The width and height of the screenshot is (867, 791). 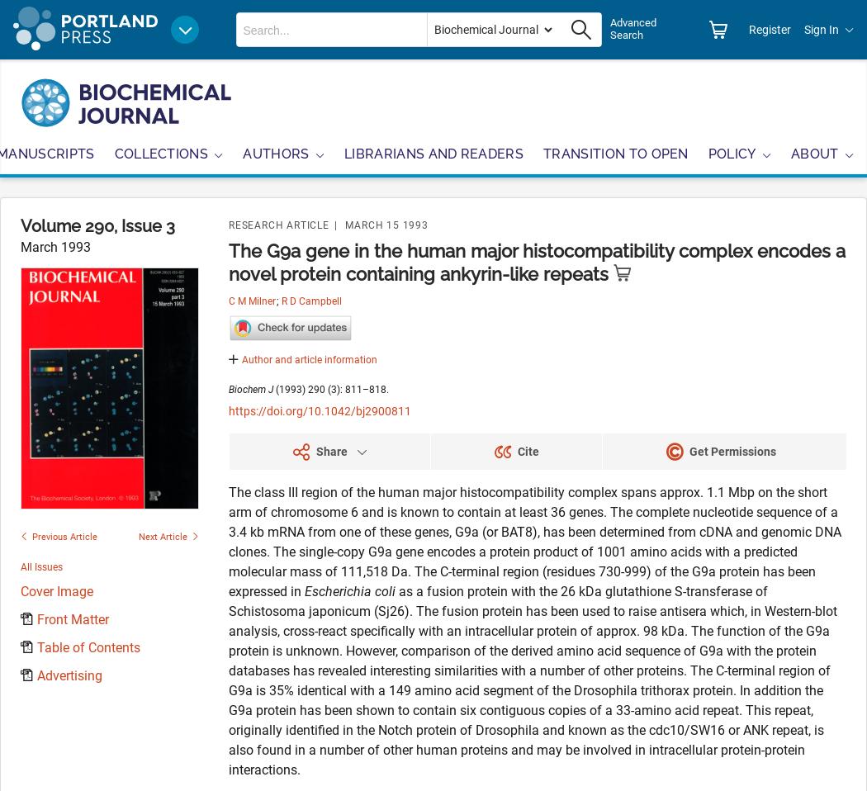 What do you see at coordinates (36, 647) in the screenshot?
I see `'Table of Contents'` at bounding box center [36, 647].